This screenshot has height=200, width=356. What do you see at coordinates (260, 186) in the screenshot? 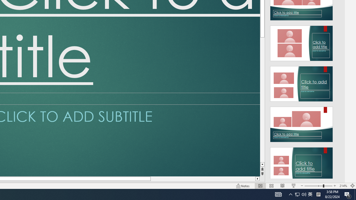
I see `'Normal'` at bounding box center [260, 186].